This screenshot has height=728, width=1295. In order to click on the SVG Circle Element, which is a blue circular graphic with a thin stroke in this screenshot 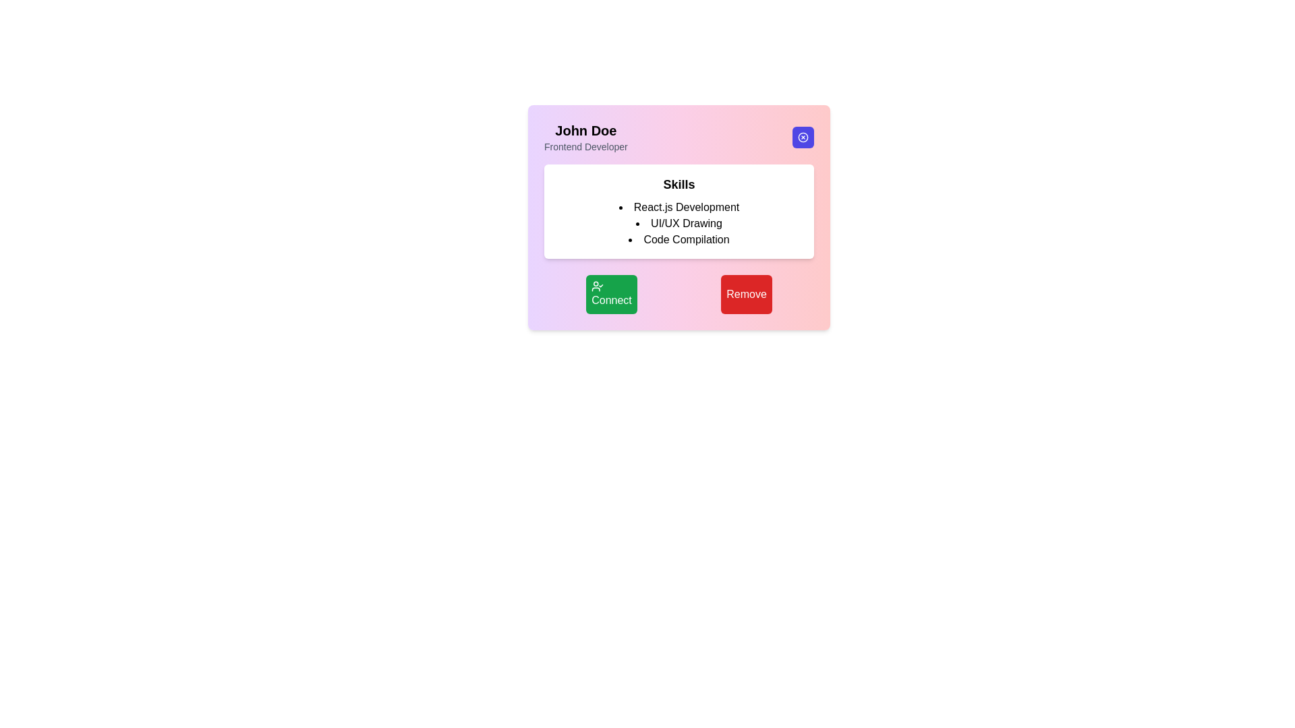, I will do `click(803, 138)`.